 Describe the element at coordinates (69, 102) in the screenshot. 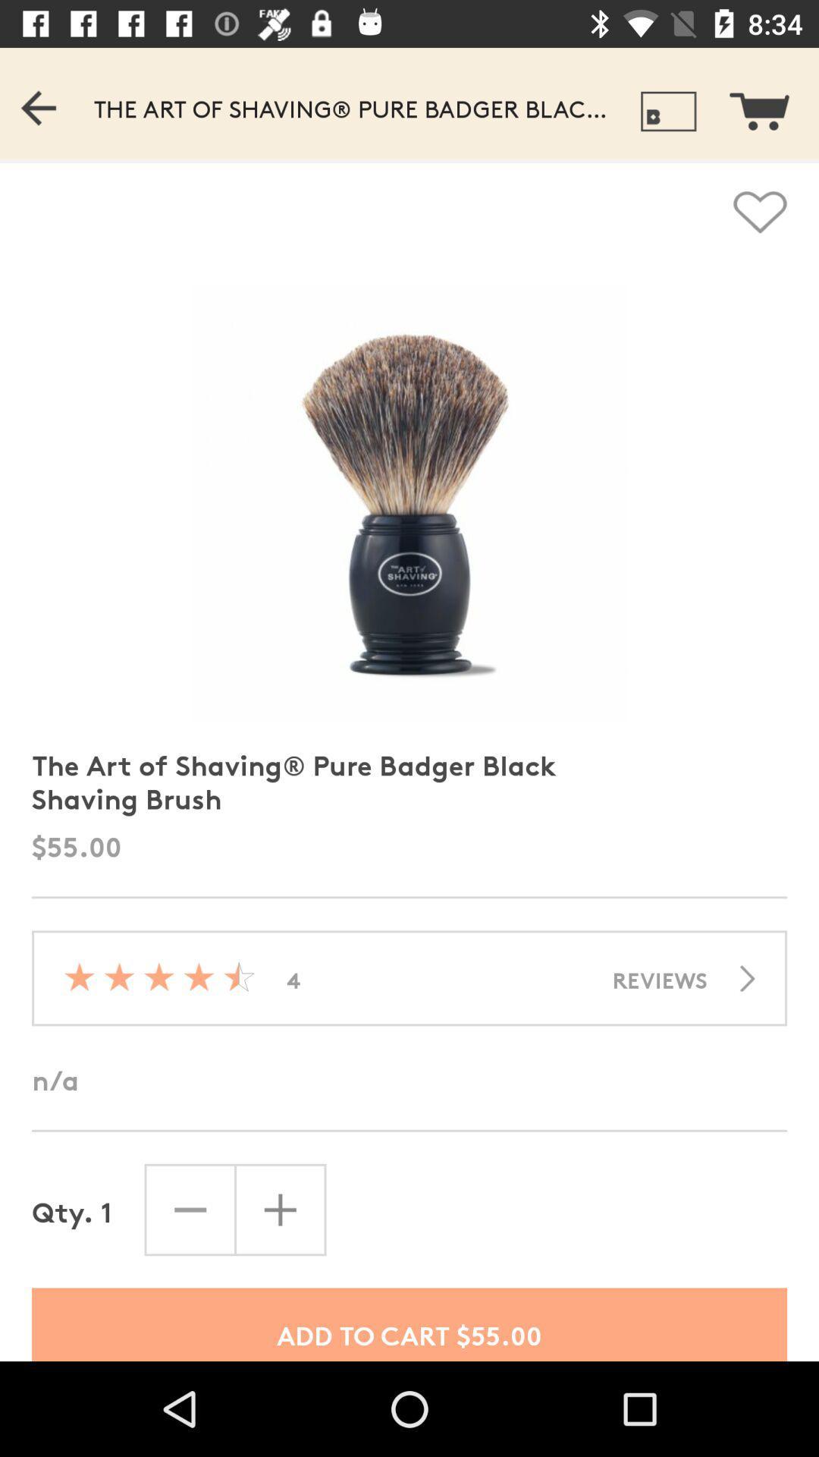

I see `go back` at that location.